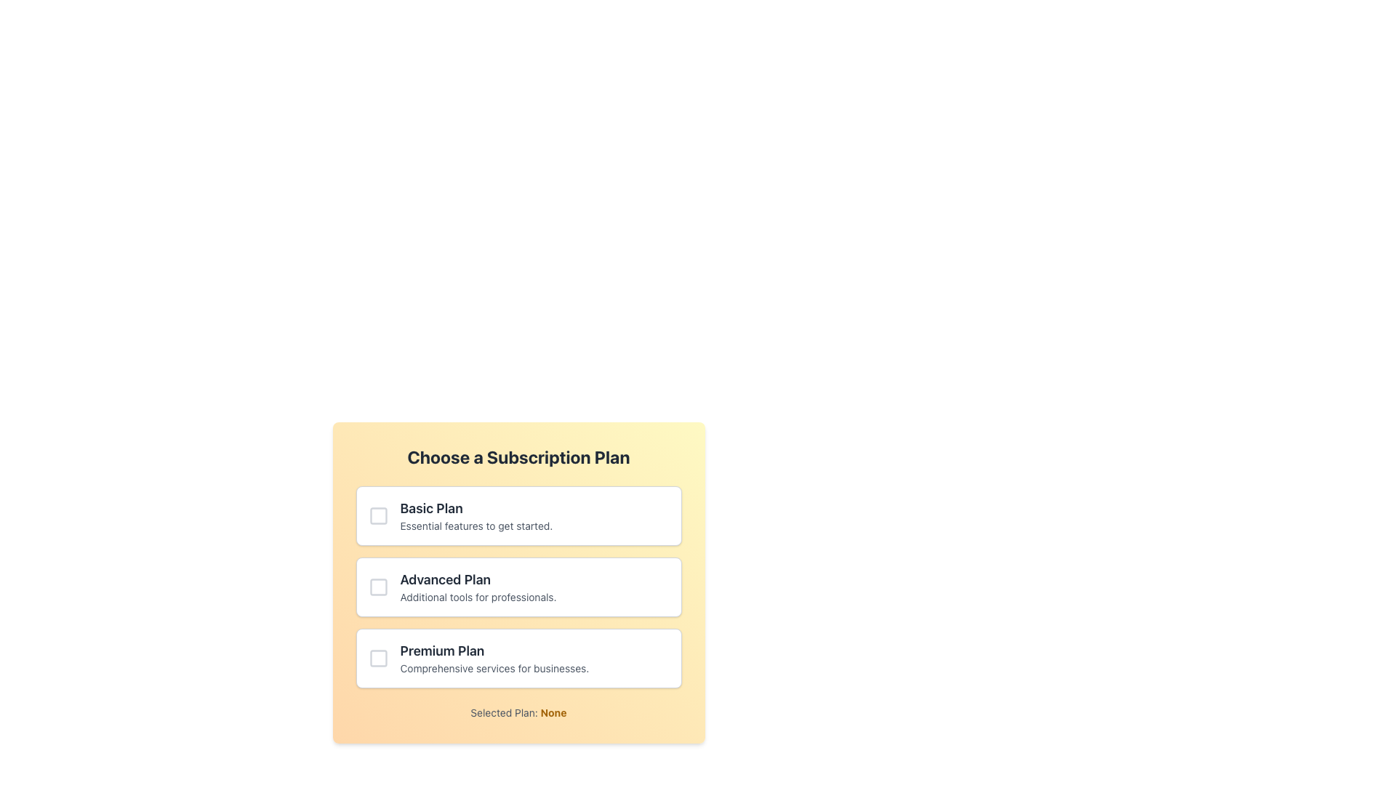 The height and width of the screenshot is (785, 1396). What do you see at coordinates (378, 515) in the screenshot?
I see `the first checkbox for the 'Basic Plan' subscription located at the top left corner of its card` at bounding box center [378, 515].